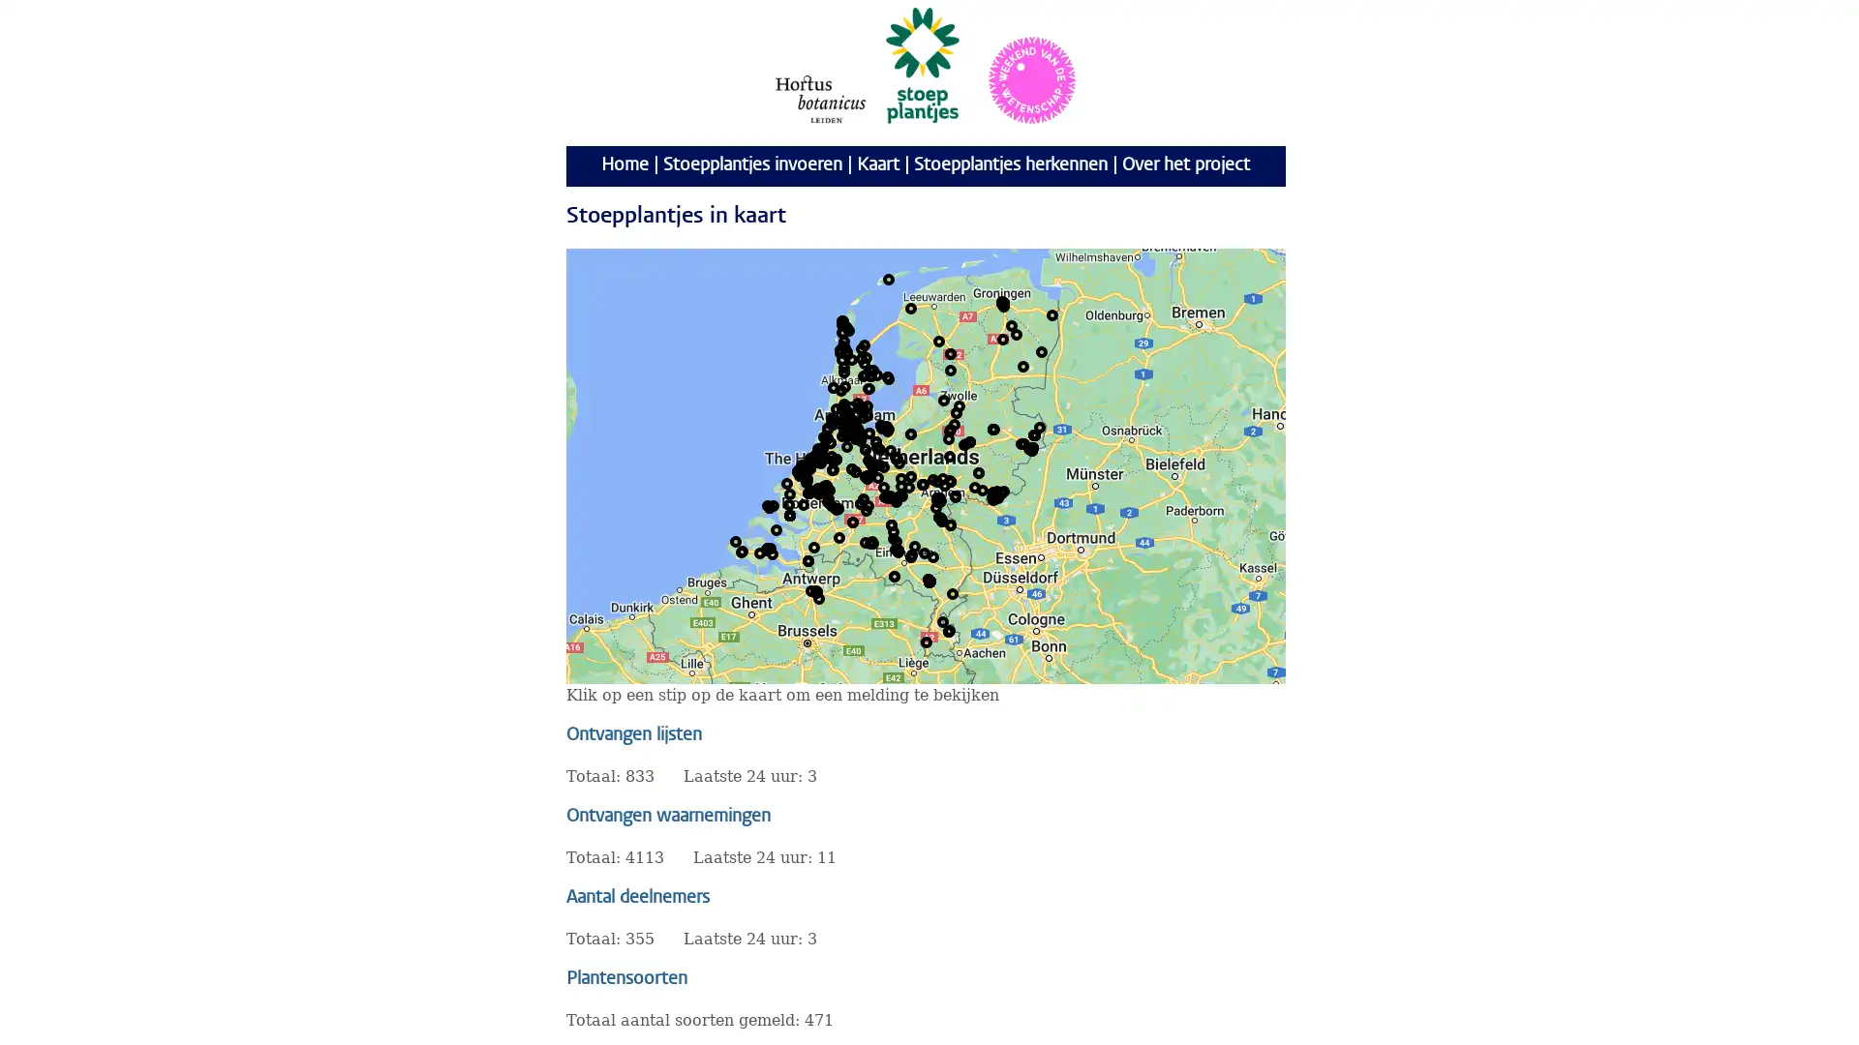 The width and height of the screenshot is (1859, 1045). Describe the element at coordinates (841, 405) in the screenshot. I see `Telling van Margreet op 10 april 2022` at that location.